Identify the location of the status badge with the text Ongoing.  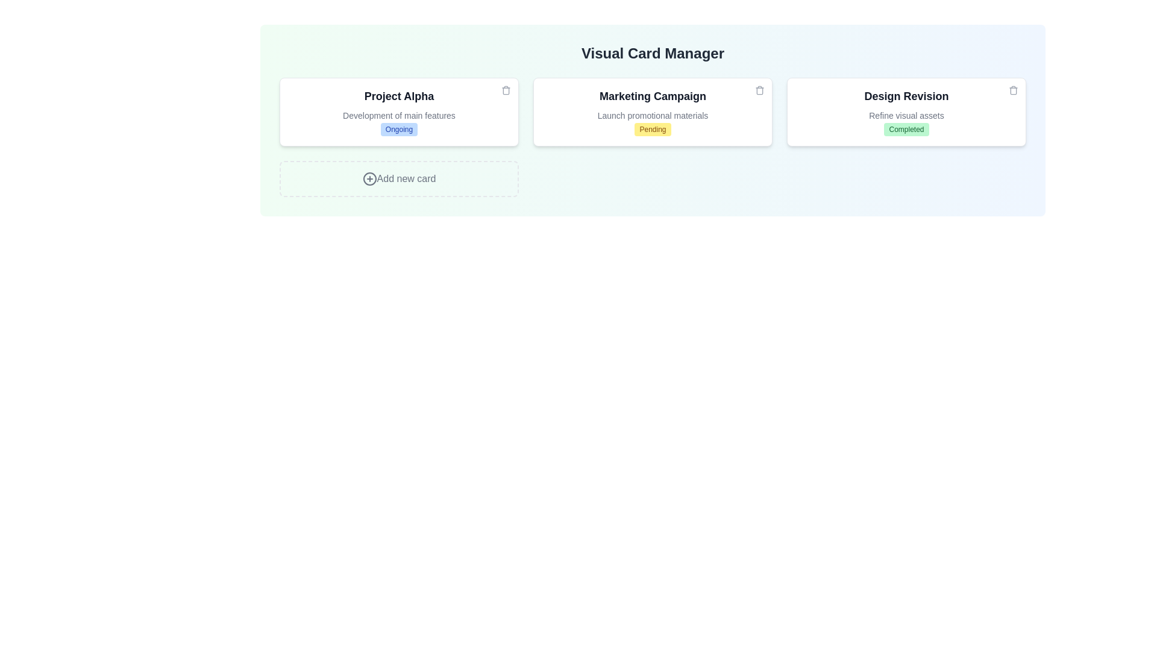
(399, 130).